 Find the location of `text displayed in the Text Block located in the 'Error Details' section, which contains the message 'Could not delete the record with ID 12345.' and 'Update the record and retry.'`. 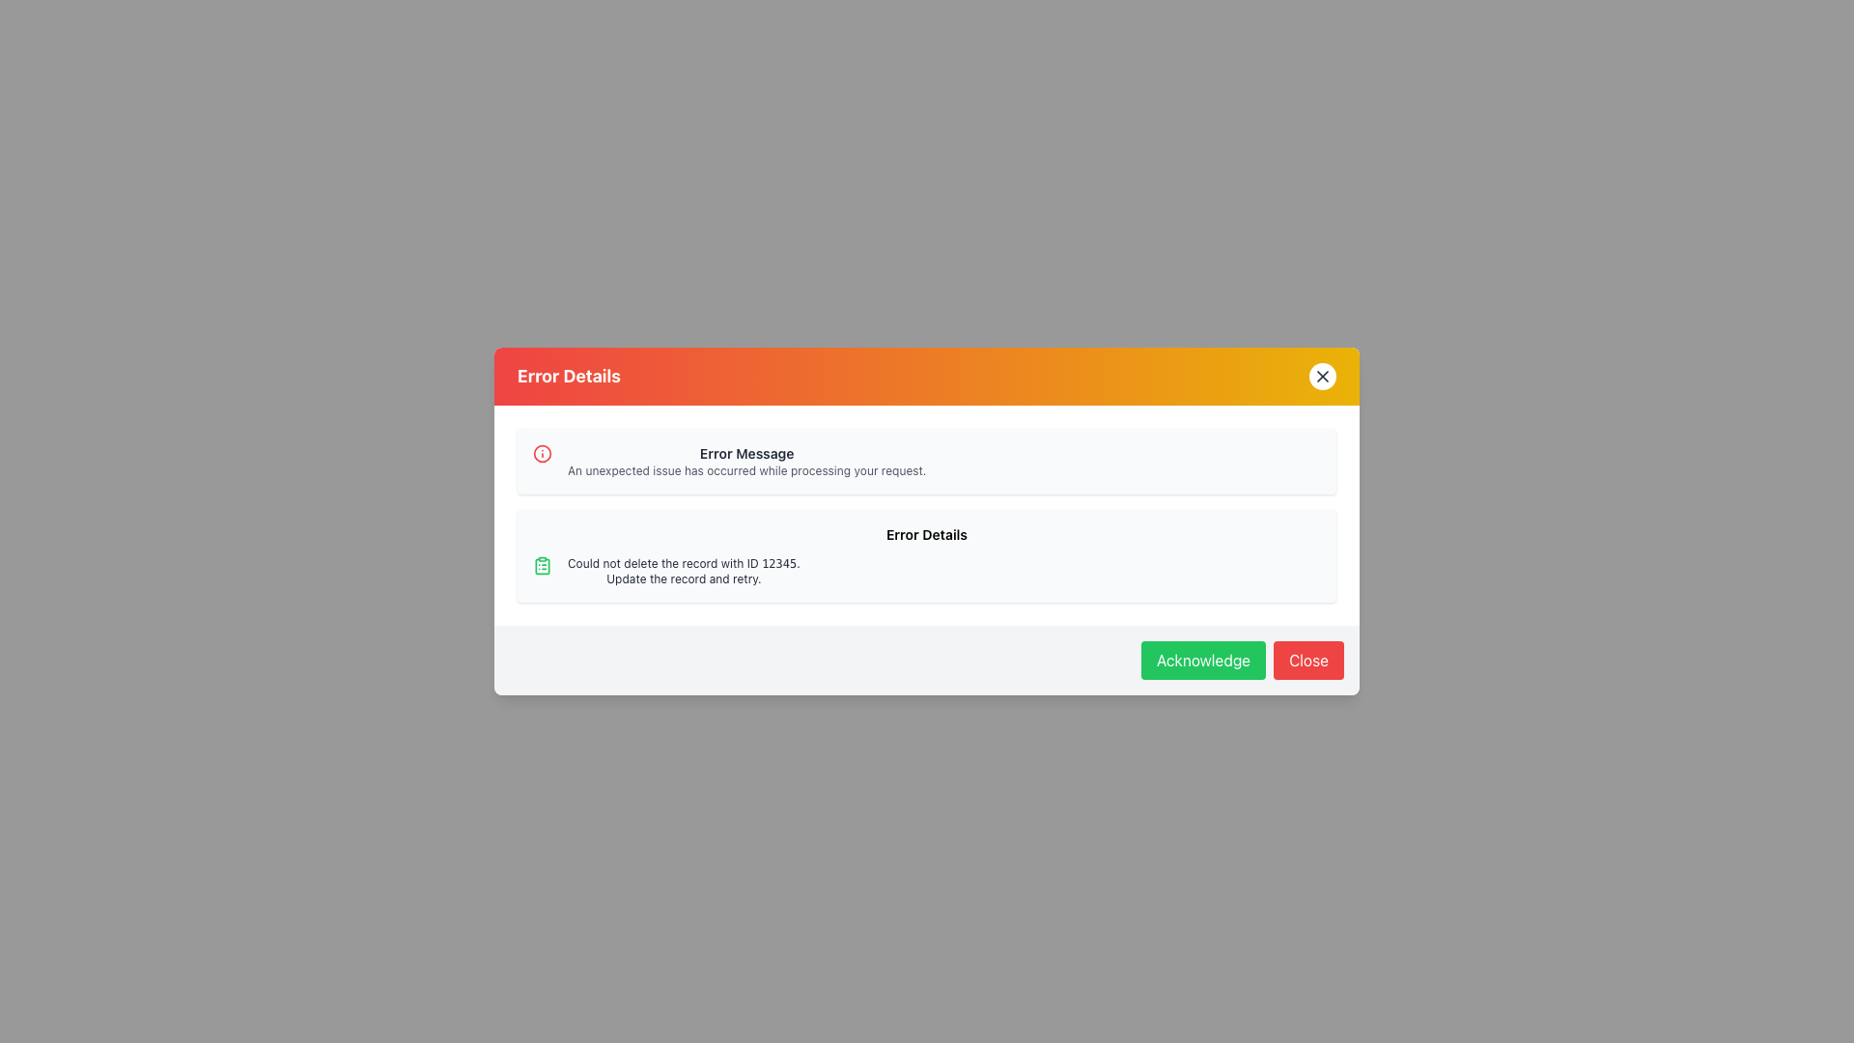

text displayed in the Text Block located in the 'Error Details' section, which contains the message 'Could not delete the record with ID 12345.' and 'Update the record and retry.' is located at coordinates (684, 570).